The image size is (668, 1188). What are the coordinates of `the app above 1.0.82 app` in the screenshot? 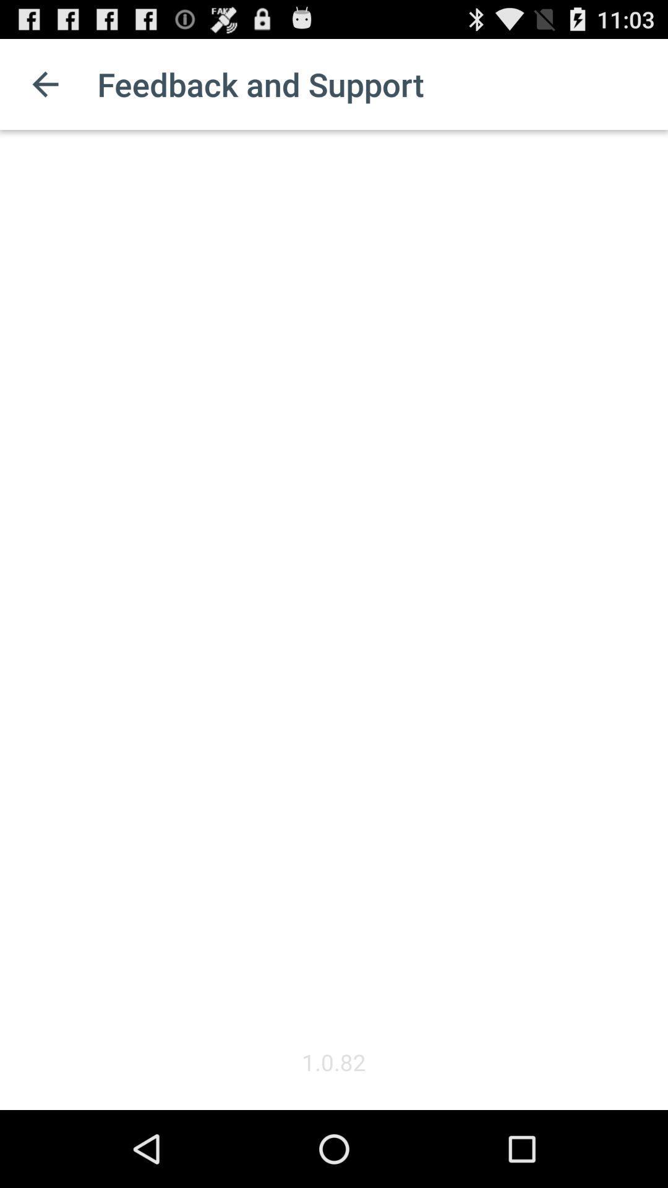 It's located at (334, 587).